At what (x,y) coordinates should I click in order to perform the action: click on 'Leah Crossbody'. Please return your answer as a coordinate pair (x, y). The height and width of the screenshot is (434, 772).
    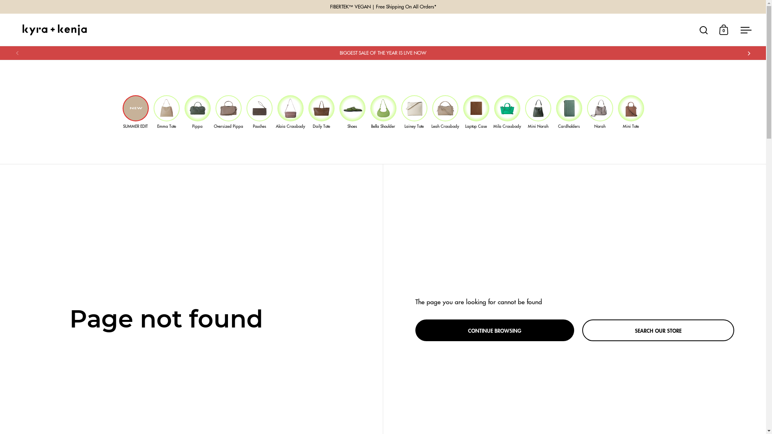
    Looking at the image, I should click on (445, 112).